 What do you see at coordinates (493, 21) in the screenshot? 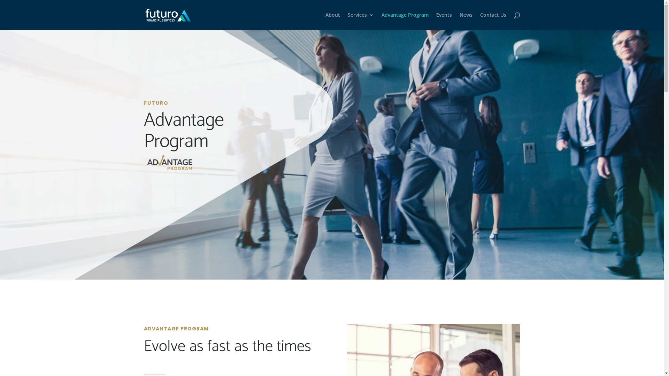
I see `'Contact Us'` at bounding box center [493, 21].